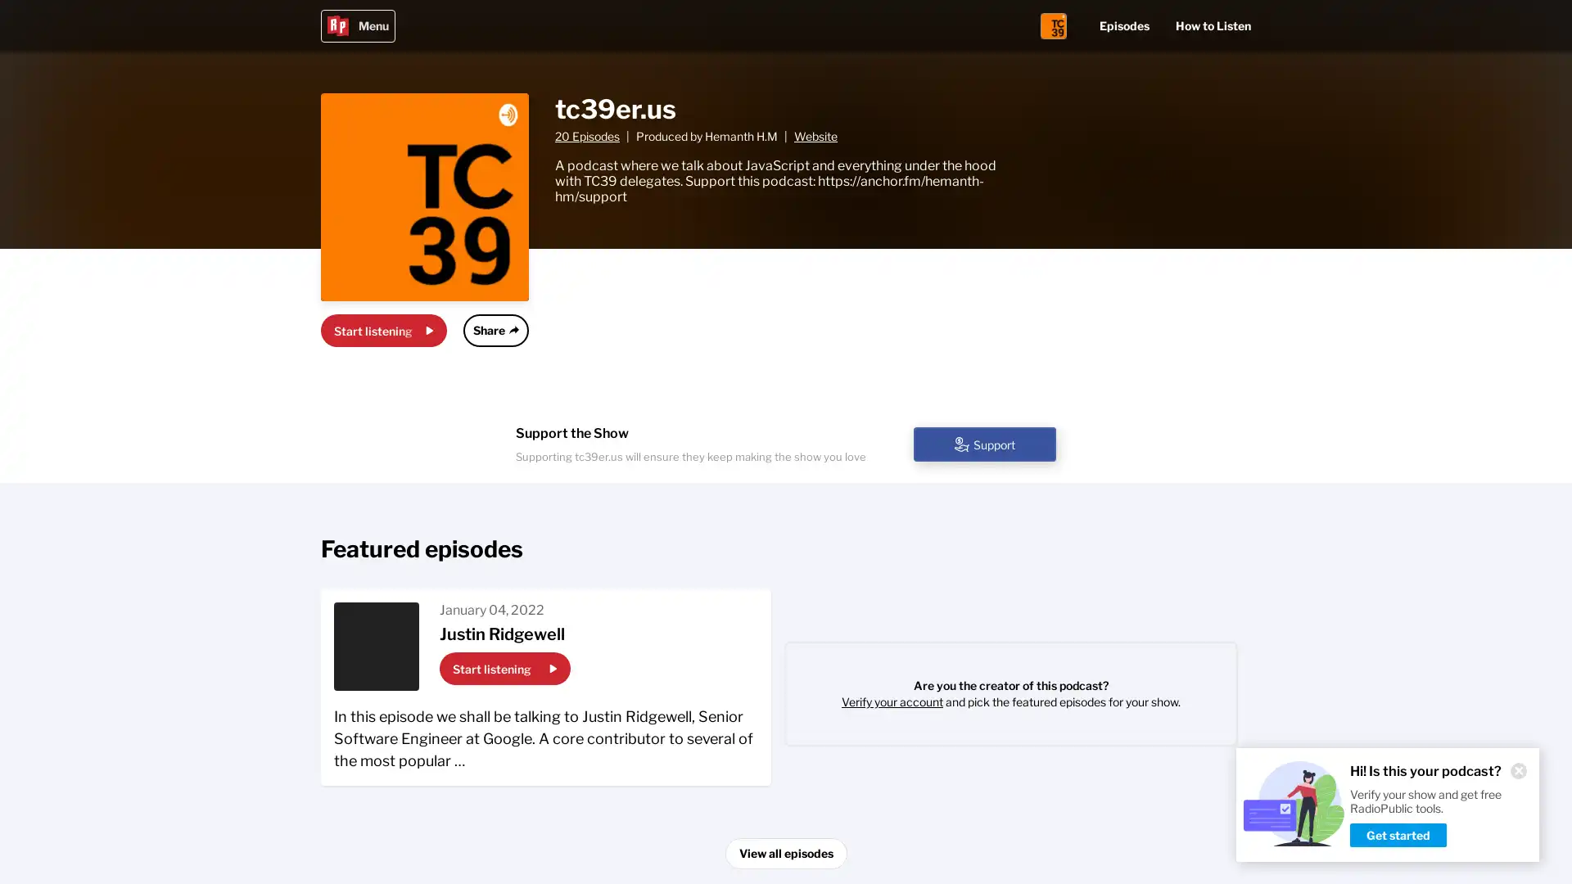 The image size is (1572, 884). What do you see at coordinates (383, 331) in the screenshot?
I see `Start listening play` at bounding box center [383, 331].